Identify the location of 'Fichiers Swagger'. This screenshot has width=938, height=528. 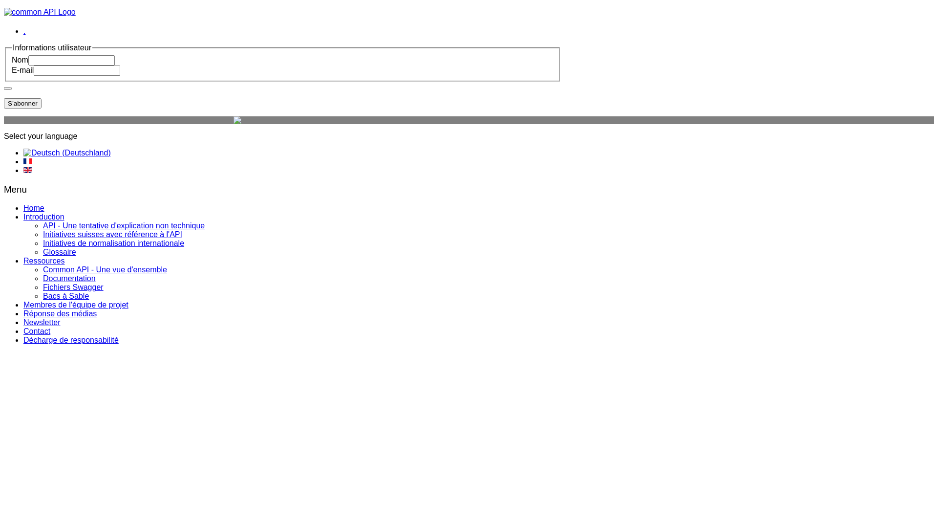
(72, 286).